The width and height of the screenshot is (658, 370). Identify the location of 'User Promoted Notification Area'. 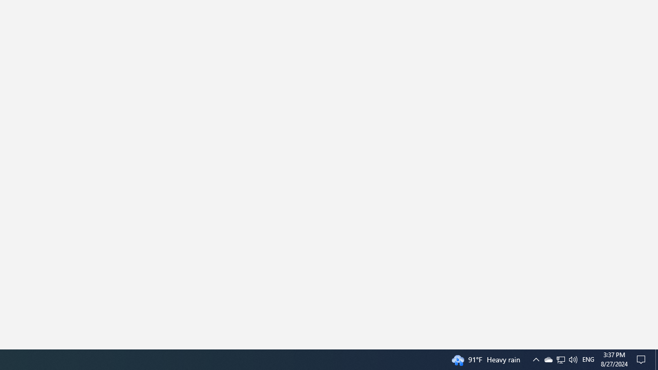
(560, 359).